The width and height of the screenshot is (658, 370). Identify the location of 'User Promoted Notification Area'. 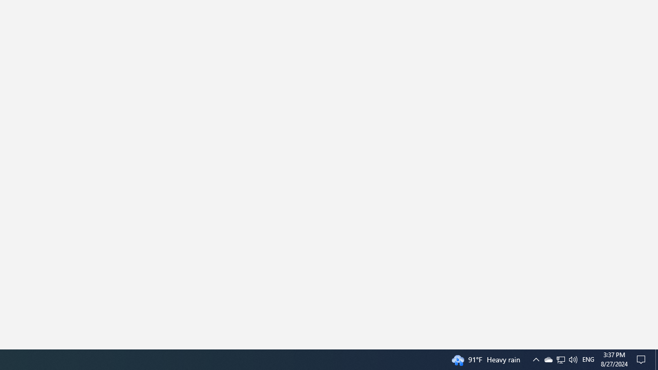
(560, 359).